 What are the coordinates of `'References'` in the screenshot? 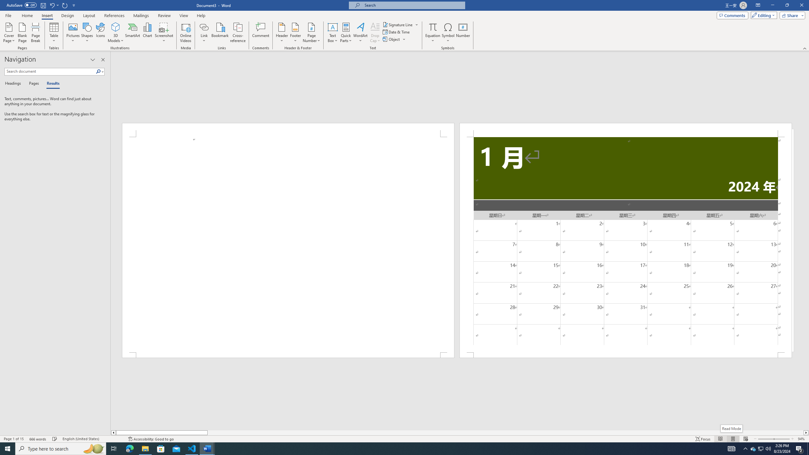 It's located at (114, 15).